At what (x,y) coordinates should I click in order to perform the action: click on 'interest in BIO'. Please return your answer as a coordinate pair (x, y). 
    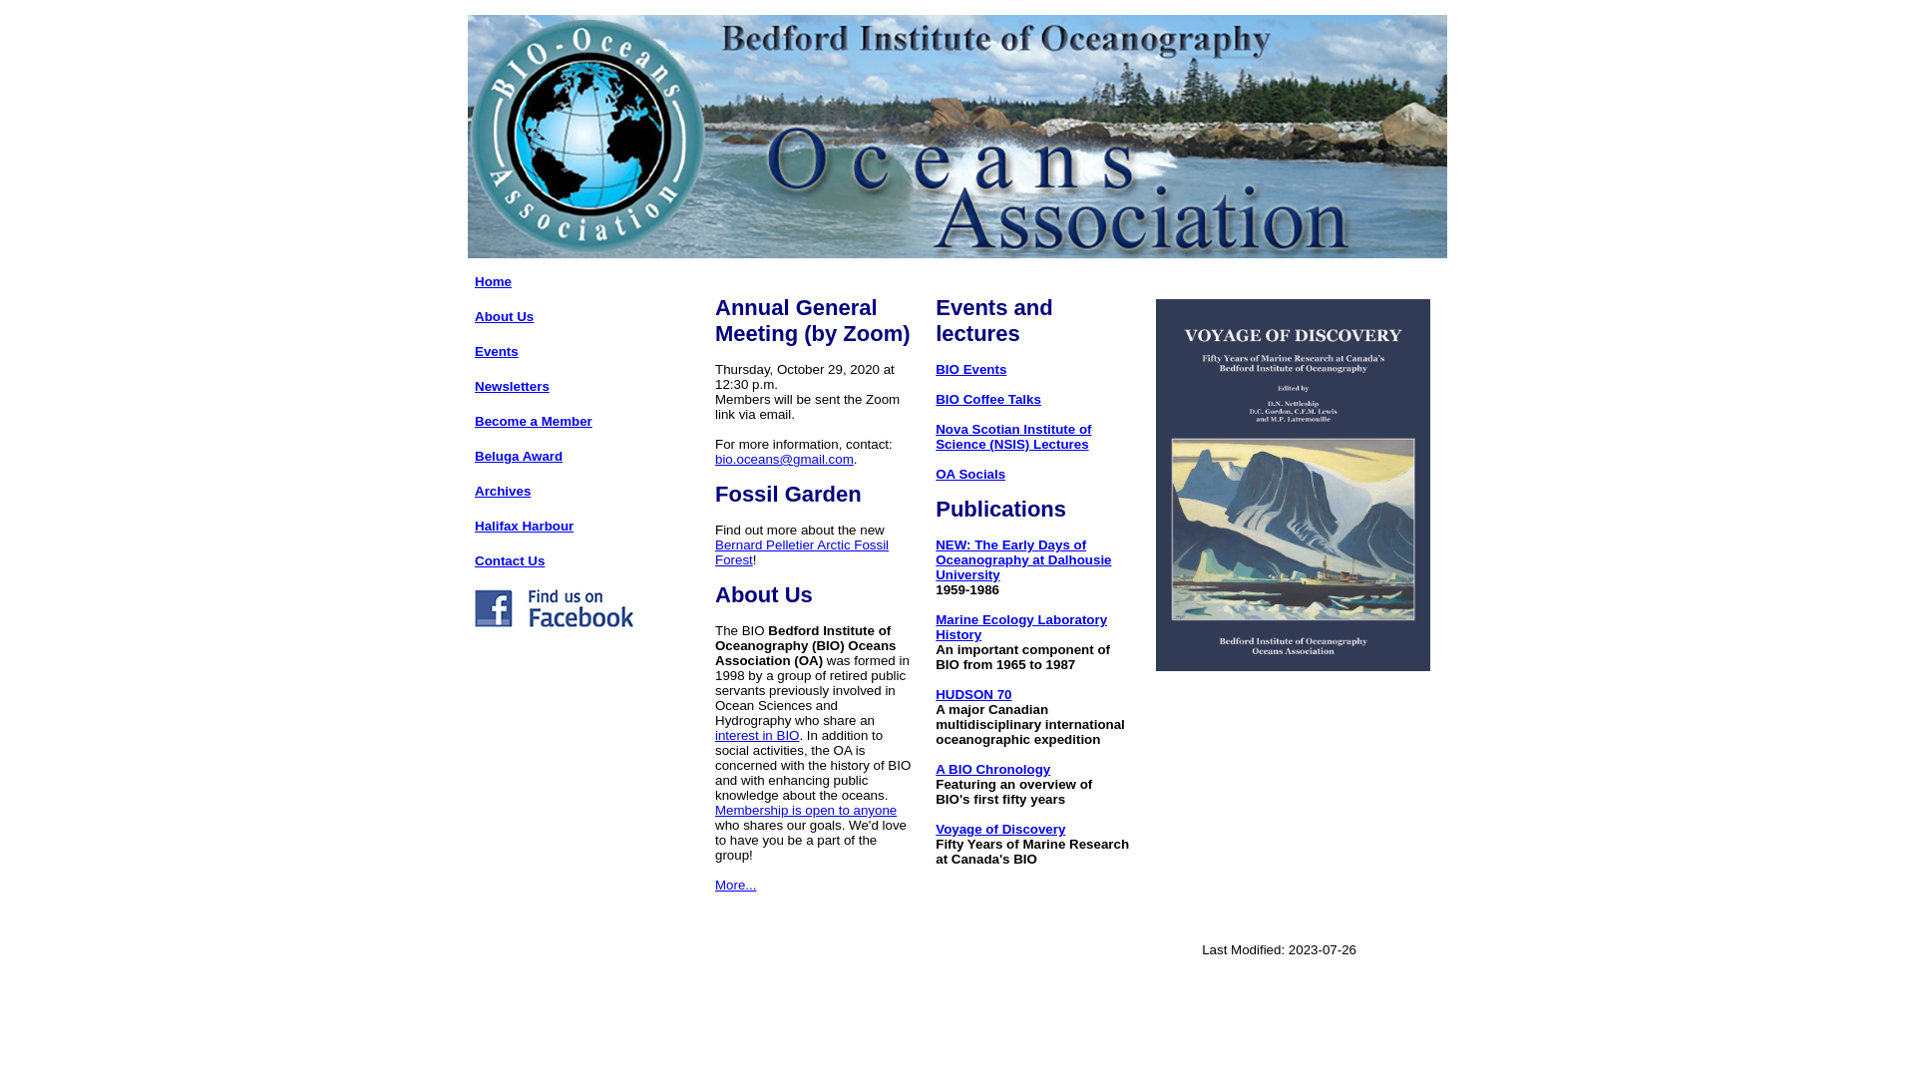
    Looking at the image, I should click on (755, 735).